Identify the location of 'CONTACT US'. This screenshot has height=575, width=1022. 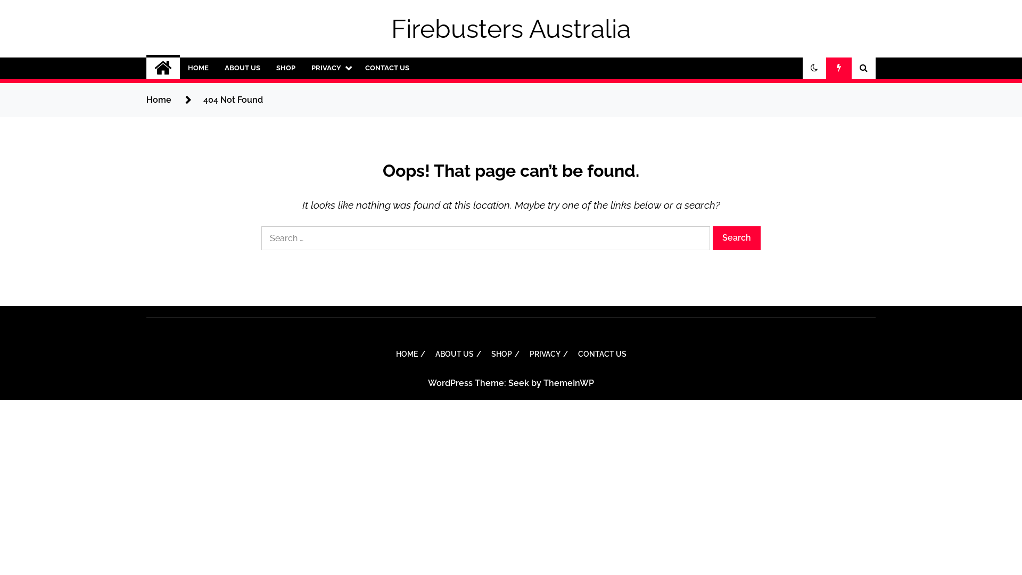
(602, 354).